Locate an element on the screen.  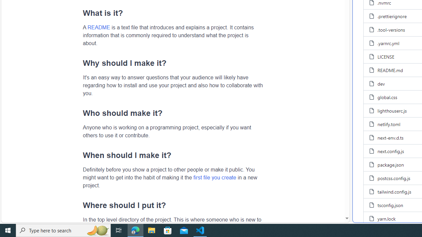
'postcss.config.js, (File)' is located at coordinates (394, 178).